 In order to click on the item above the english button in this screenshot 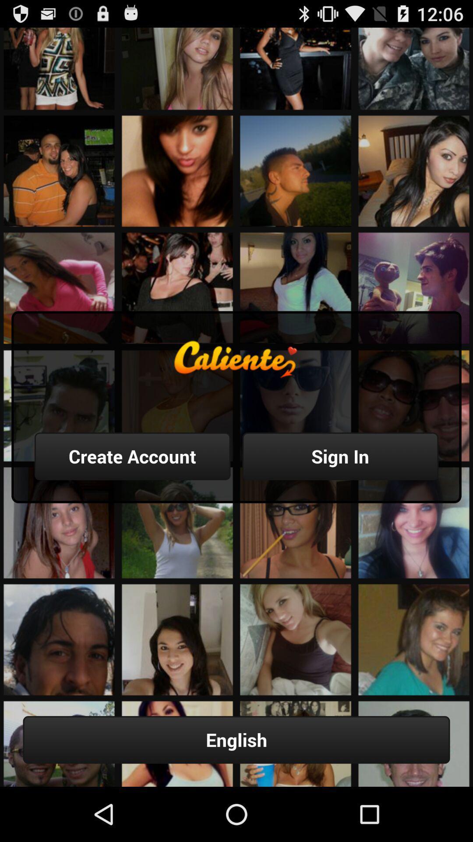, I will do `click(340, 456)`.